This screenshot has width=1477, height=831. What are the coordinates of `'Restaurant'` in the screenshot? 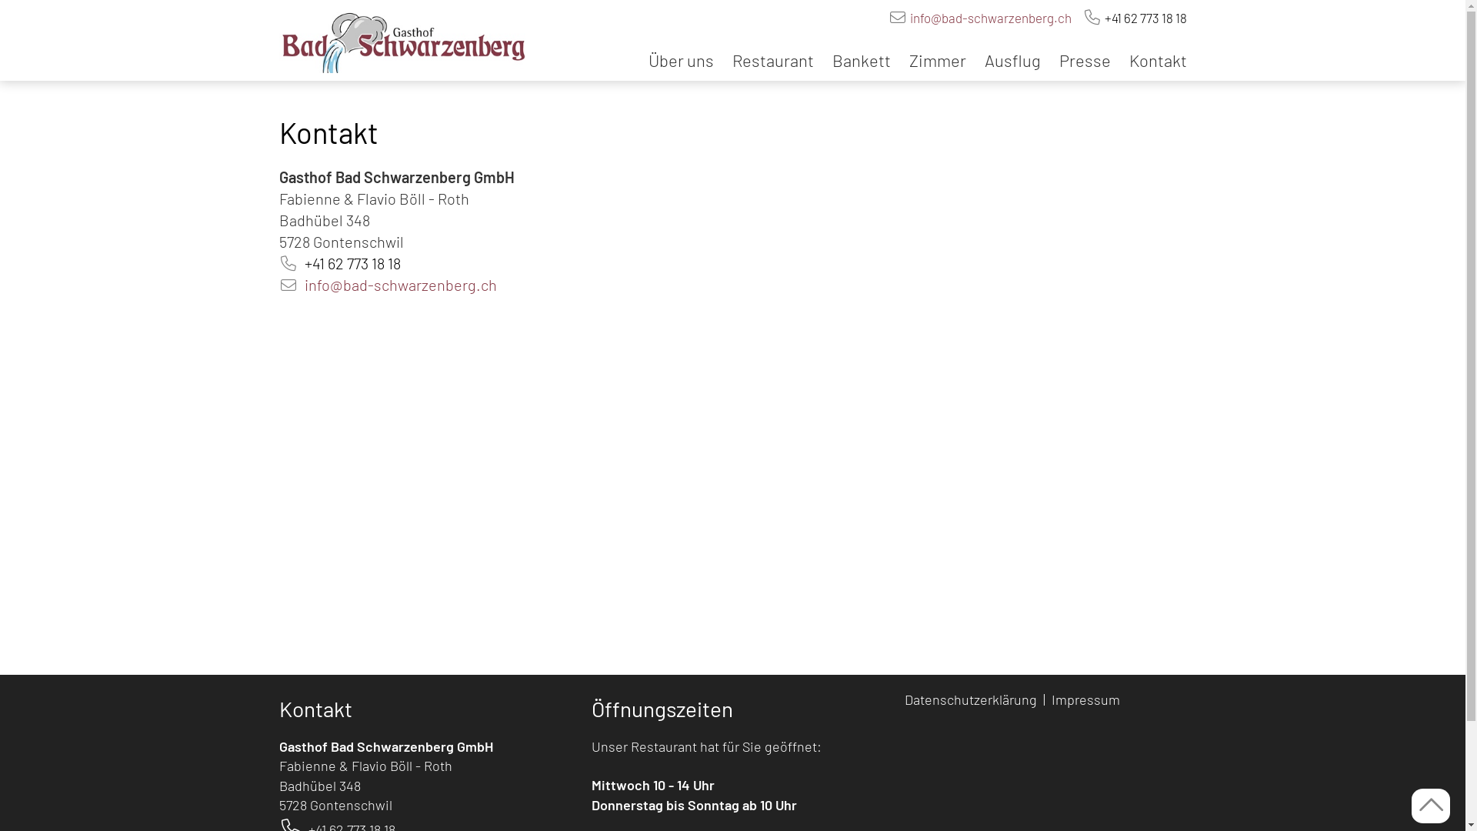 It's located at (722, 59).